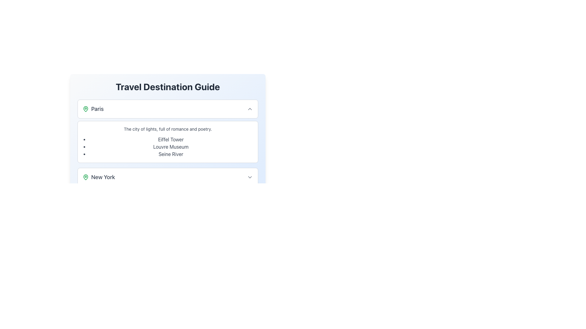  I want to click on the dropdown toggle icon located on the extreme right of the 'New York' section, so click(250, 177).